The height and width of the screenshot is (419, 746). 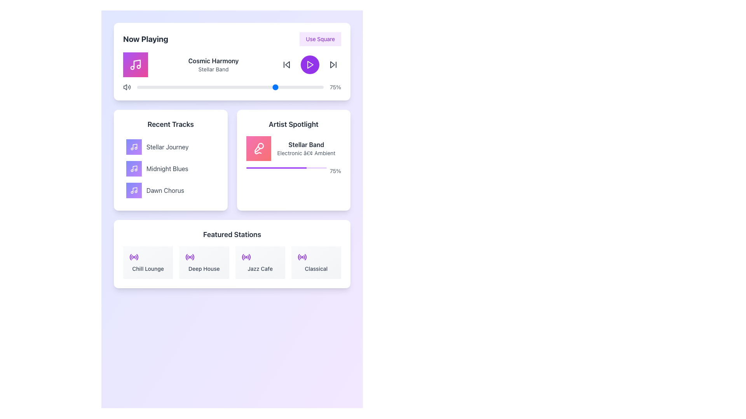 What do you see at coordinates (134, 147) in the screenshot?
I see `the white musical note icon within a purple square background located in the 'Recent Tracks' section, adjacent to 'Stellar Journey.'` at bounding box center [134, 147].